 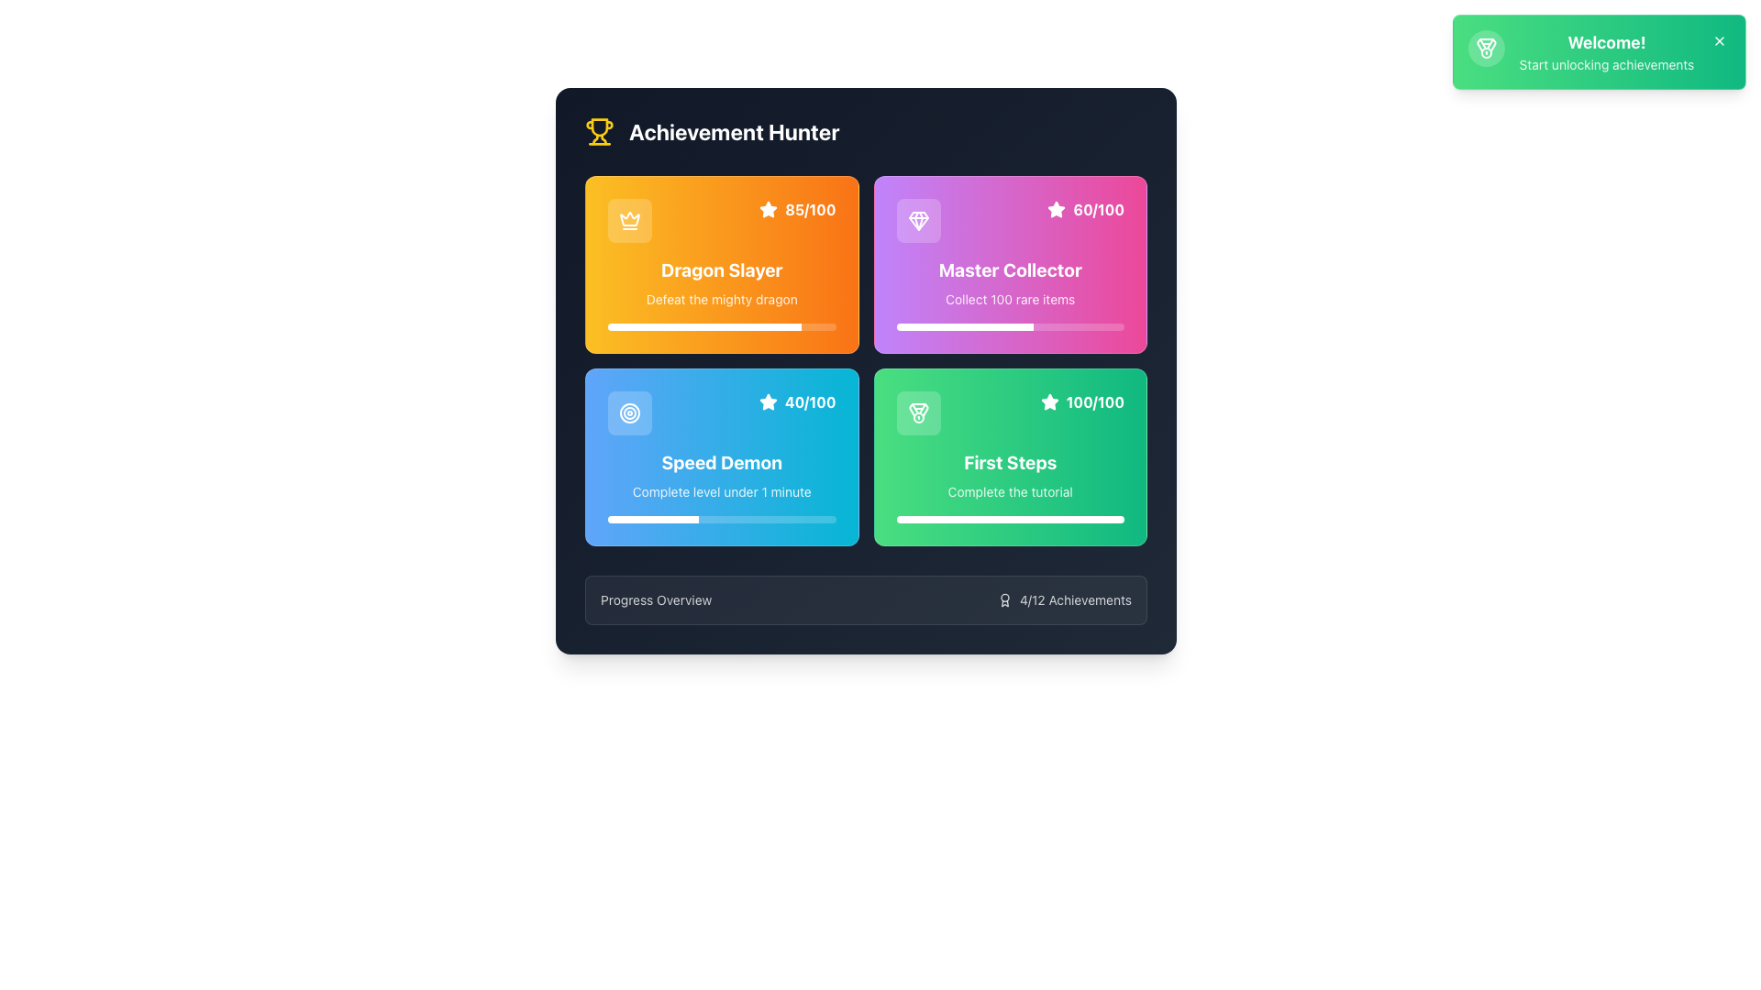 What do you see at coordinates (1719, 41) in the screenshot?
I see `the small 'x' icon button located in the top-right corner of the green notification card labeled 'Welcome! Start unlocking achievements'` at bounding box center [1719, 41].